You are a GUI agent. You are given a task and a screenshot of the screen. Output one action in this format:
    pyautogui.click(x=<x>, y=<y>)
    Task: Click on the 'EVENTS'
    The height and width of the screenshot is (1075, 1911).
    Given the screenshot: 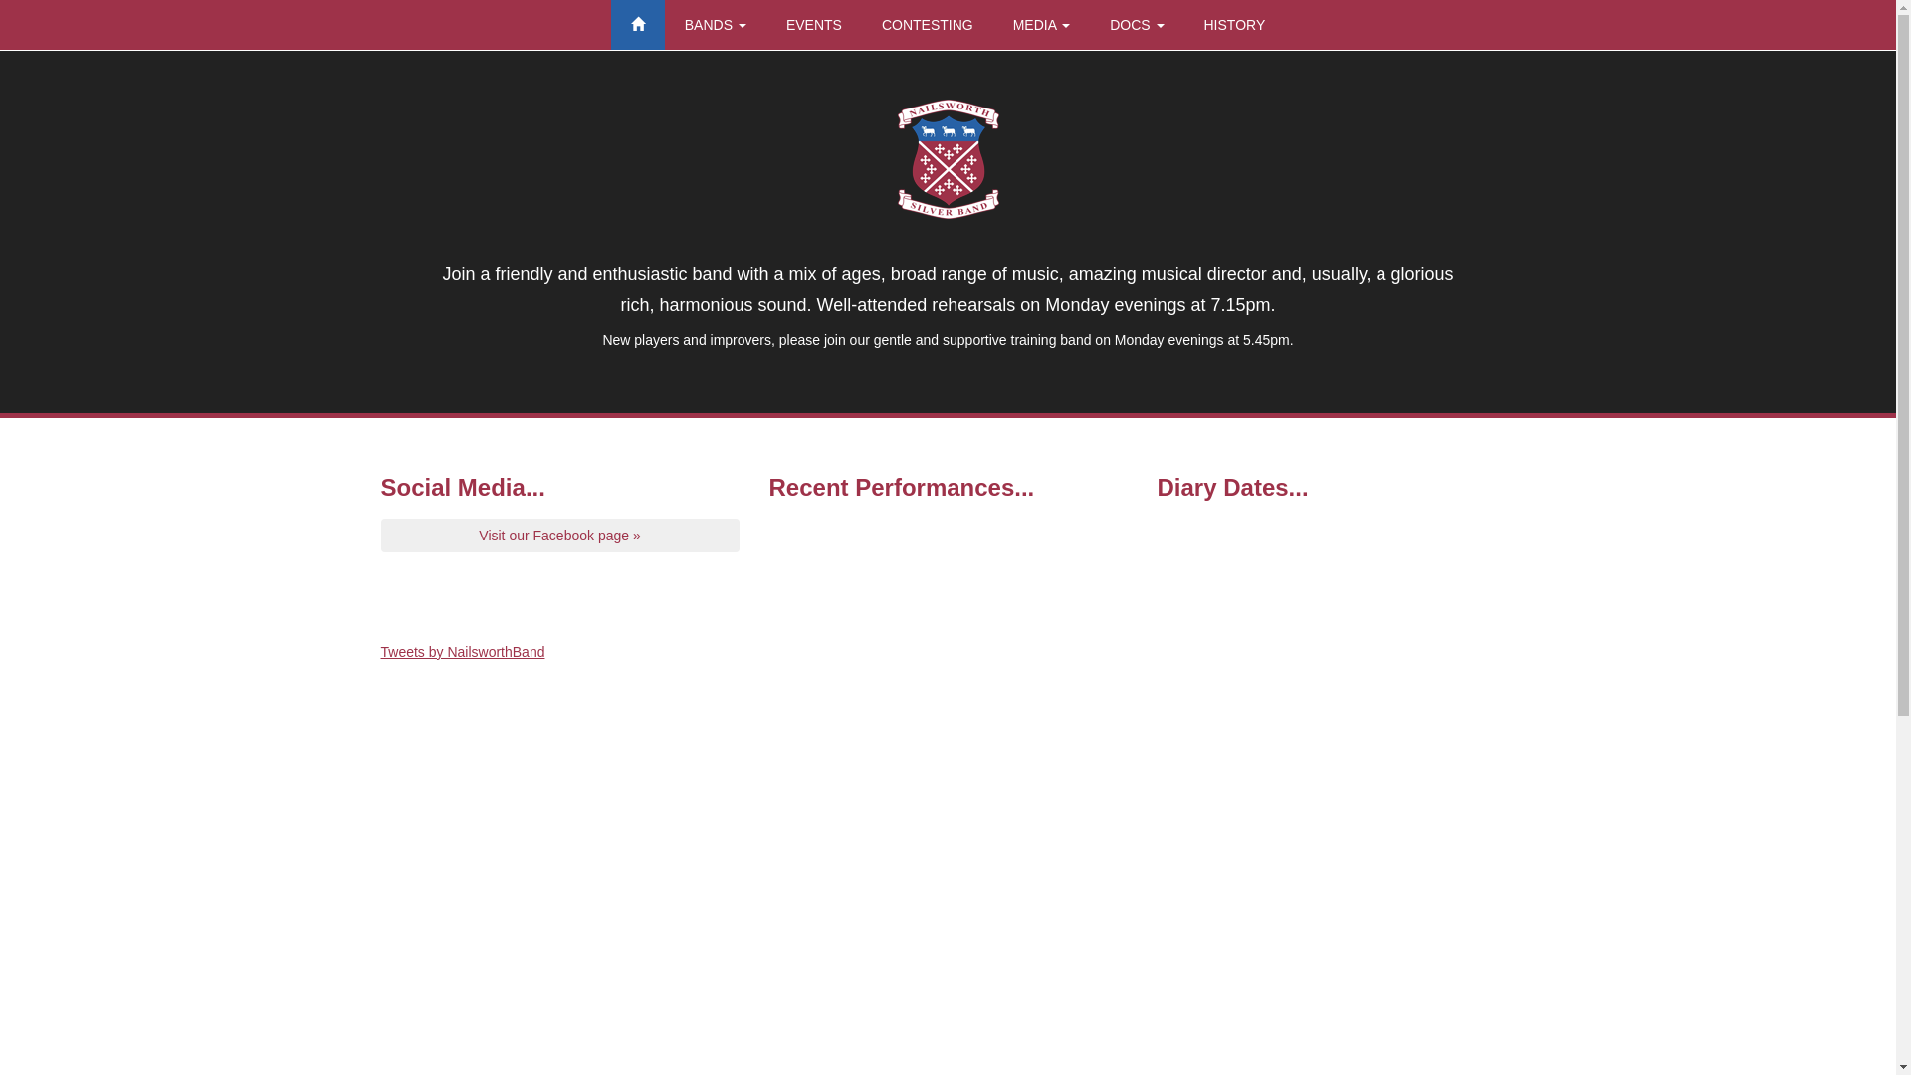 What is the action you would take?
    pyautogui.click(x=813, y=24)
    